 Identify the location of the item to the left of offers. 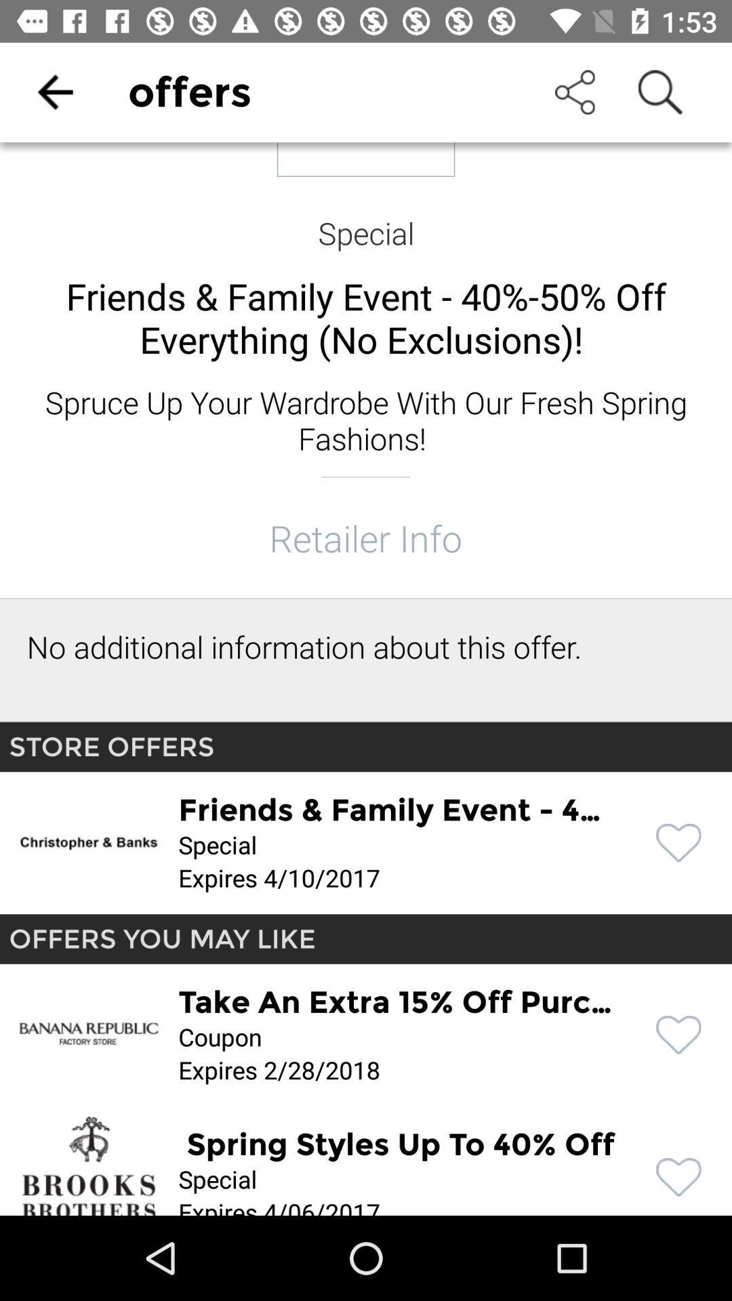
(54, 91).